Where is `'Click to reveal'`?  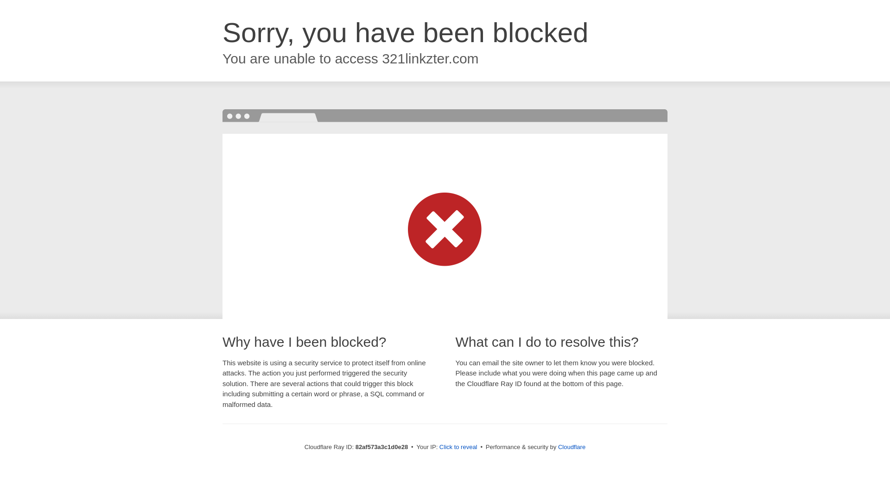
'Click to reveal' is located at coordinates (458, 446).